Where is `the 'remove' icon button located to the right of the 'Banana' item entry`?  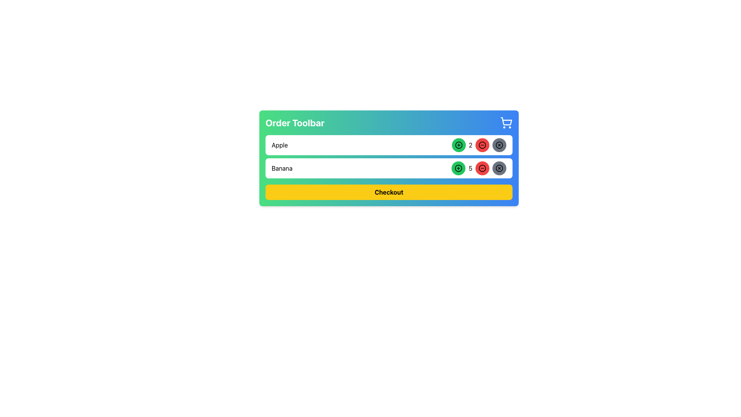
the 'remove' icon button located to the right of the 'Banana' item entry is located at coordinates (499, 168).